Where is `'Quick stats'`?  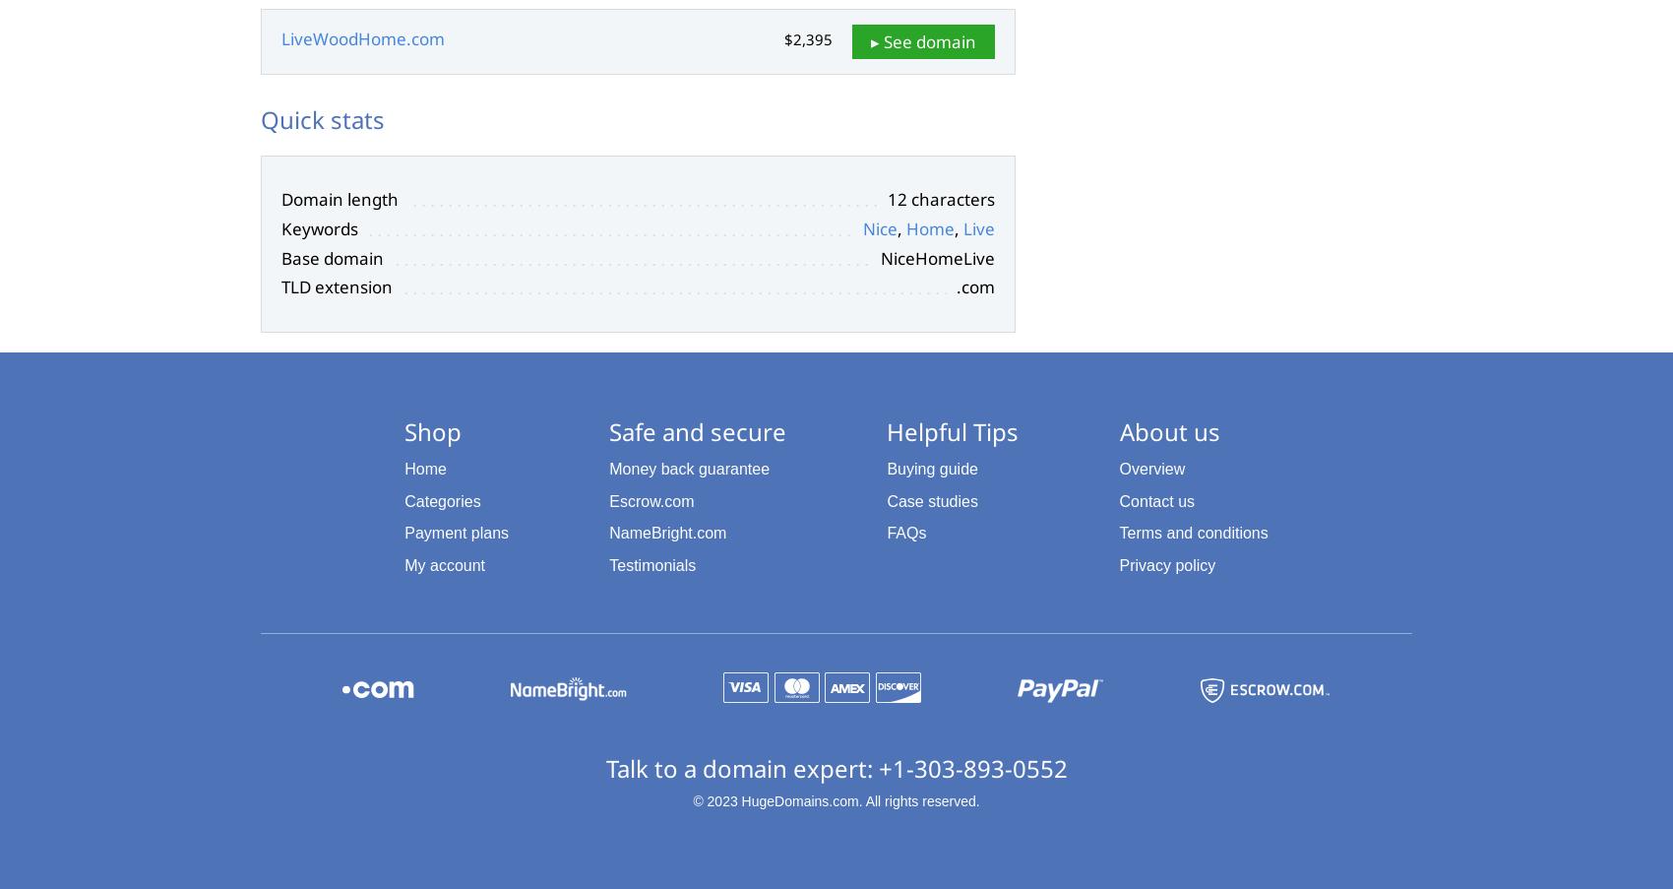 'Quick stats' is located at coordinates (321, 119).